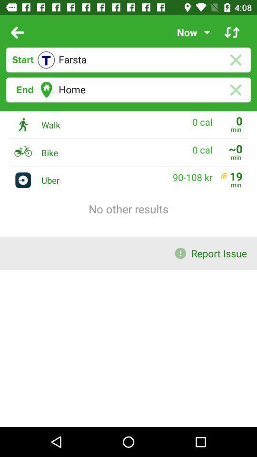 The height and width of the screenshot is (457, 257). Describe the element at coordinates (231, 32) in the screenshot. I see `refresh` at that location.